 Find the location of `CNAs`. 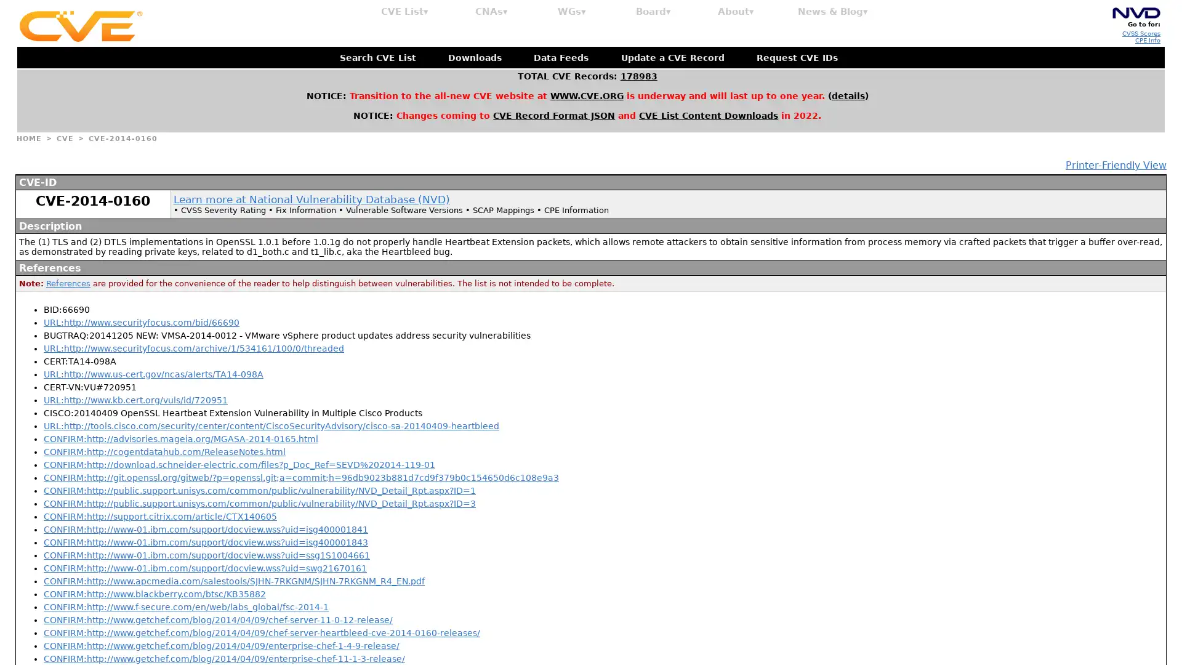

CNAs is located at coordinates (491, 12).